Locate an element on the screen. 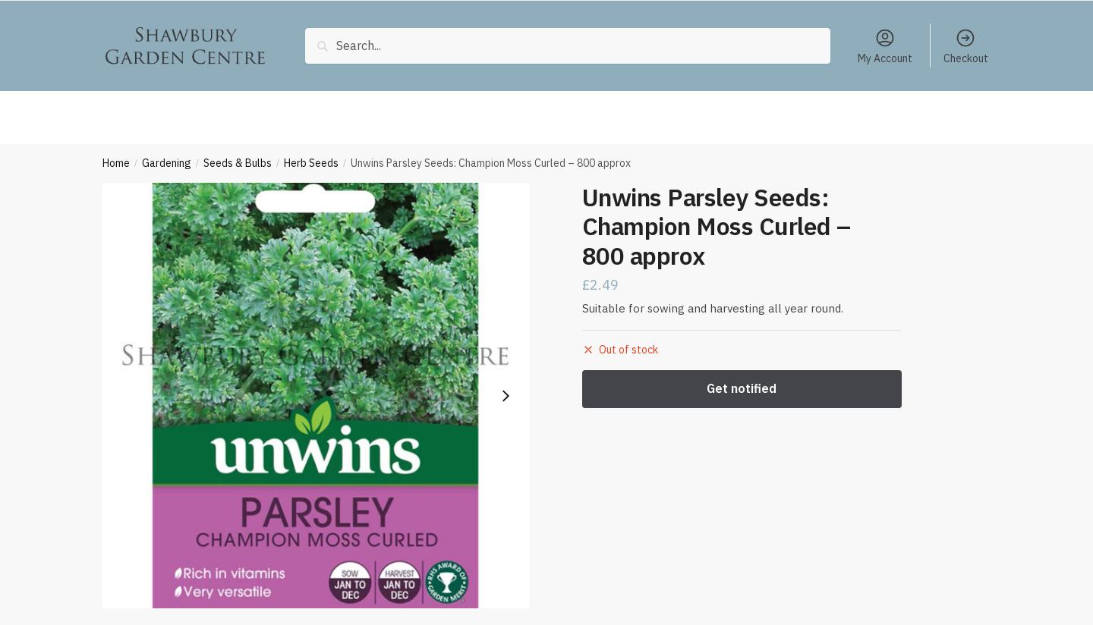  'Coal, Logs & Kindling' is located at coordinates (726, 22).